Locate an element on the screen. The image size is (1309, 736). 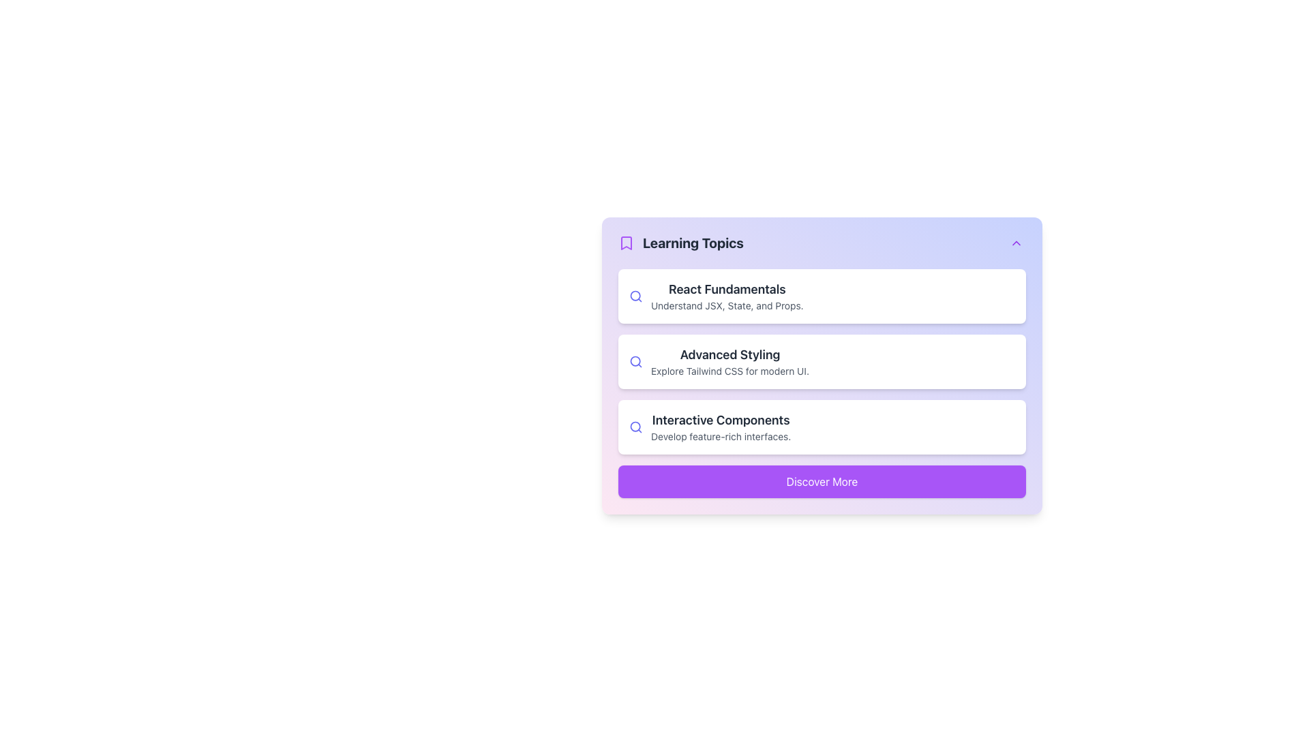
the informative Text Content below the 'React Fundamentals' title in the first card of the Learning Topics section is located at coordinates (726, 305).